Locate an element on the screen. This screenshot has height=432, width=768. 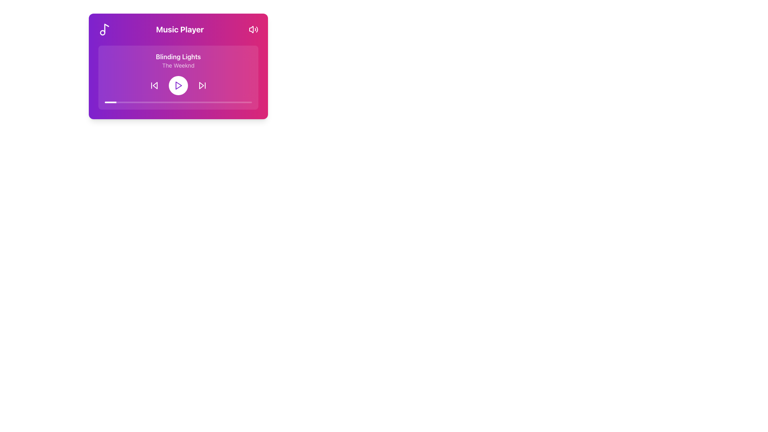
the circular button with a white forward skip icon and a purple background, which is the third button from the right in the button group, to change its appearance is located at coordinates (202, 85).